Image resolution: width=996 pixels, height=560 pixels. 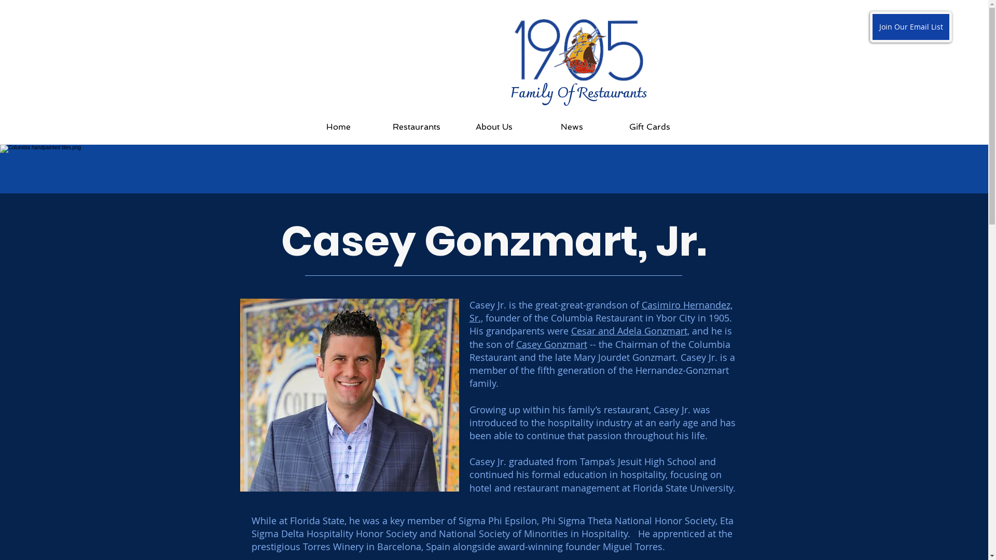 What do you see at coordinates (910, 26) in the screenshot?
I see `'Join Our Email List'` at bounding box center [910, 26].